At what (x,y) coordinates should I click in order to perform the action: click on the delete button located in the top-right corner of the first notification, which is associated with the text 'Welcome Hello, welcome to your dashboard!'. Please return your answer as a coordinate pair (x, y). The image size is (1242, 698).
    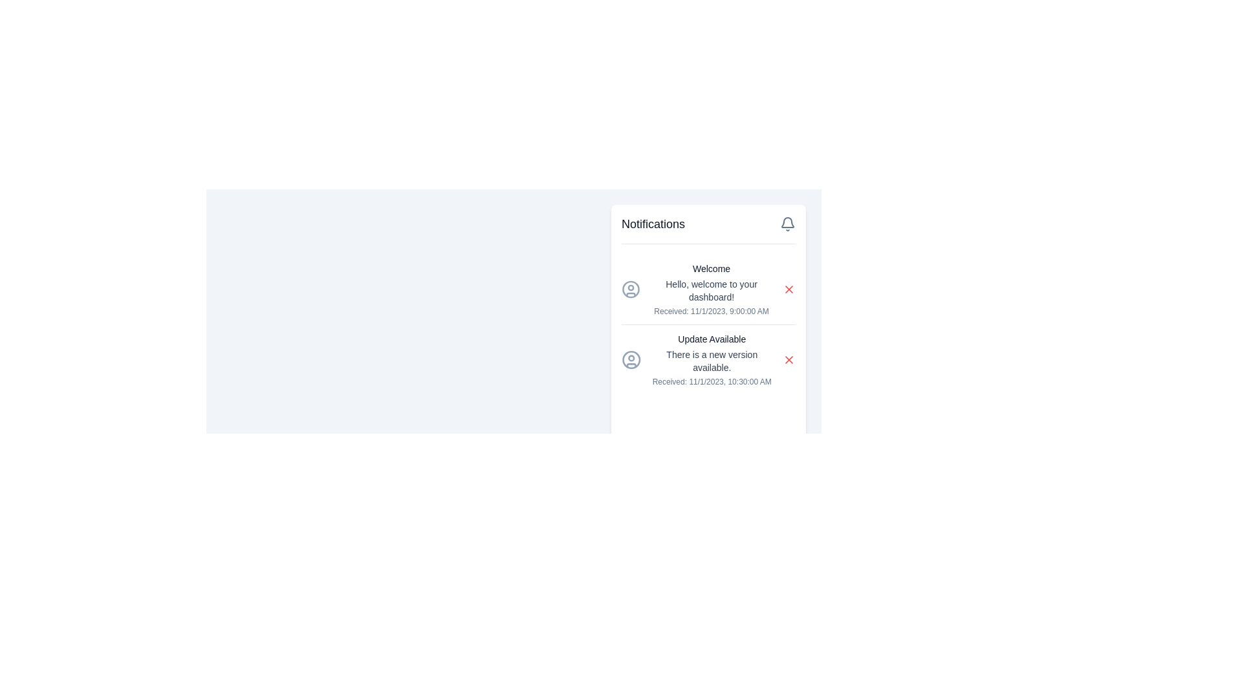
    Looking at the image, I should click on (788, 288).